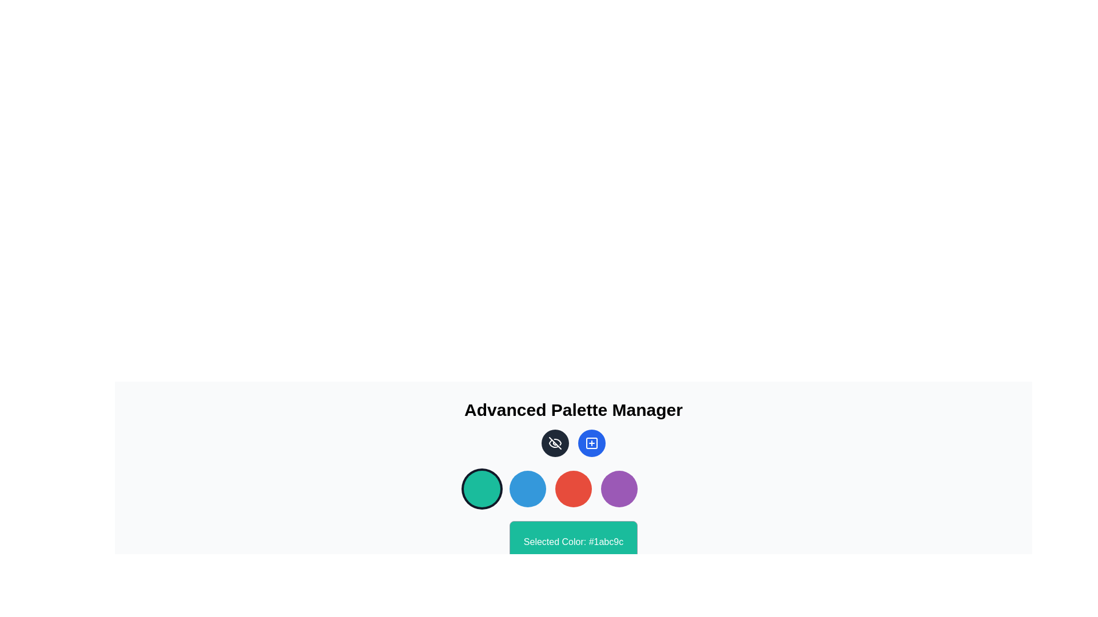  I want to click on the button with a square-plus icon, located in the upper row of controls below the 'Advanced Palette Manager' label, to trigger the tooltip or highlight effect, so click(592, 442).